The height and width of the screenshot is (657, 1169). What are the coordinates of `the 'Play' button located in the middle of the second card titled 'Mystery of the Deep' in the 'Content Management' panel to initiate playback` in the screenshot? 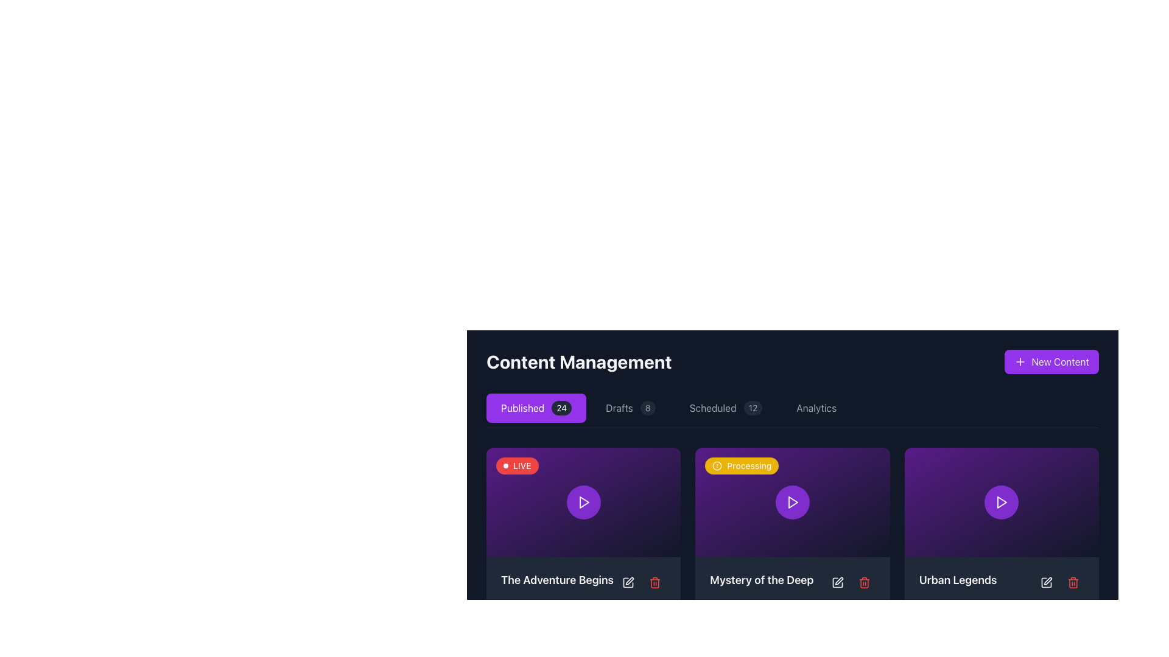 It's located at (792, 502).